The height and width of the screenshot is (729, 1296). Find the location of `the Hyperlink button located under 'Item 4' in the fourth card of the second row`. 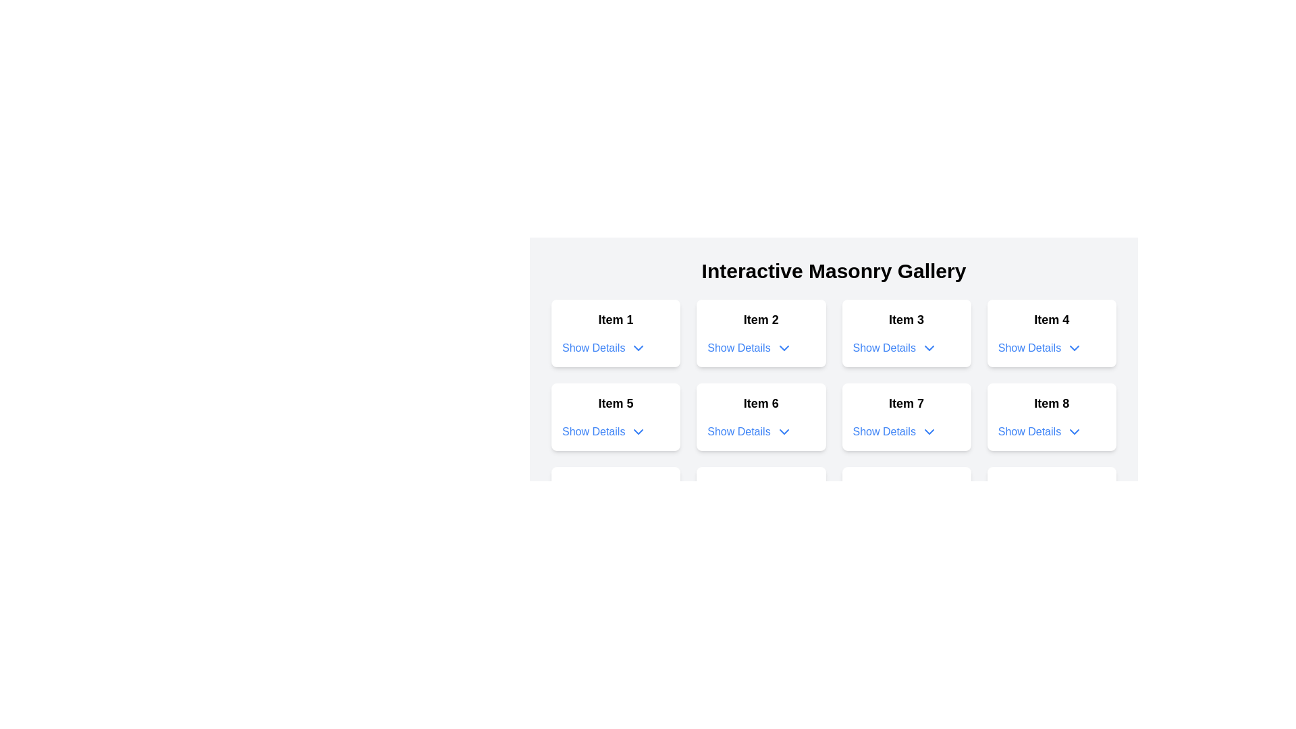

the Hyperlink button located under 'Item 4' in the fourth card of the second row is located at coordinates (1039, 348).